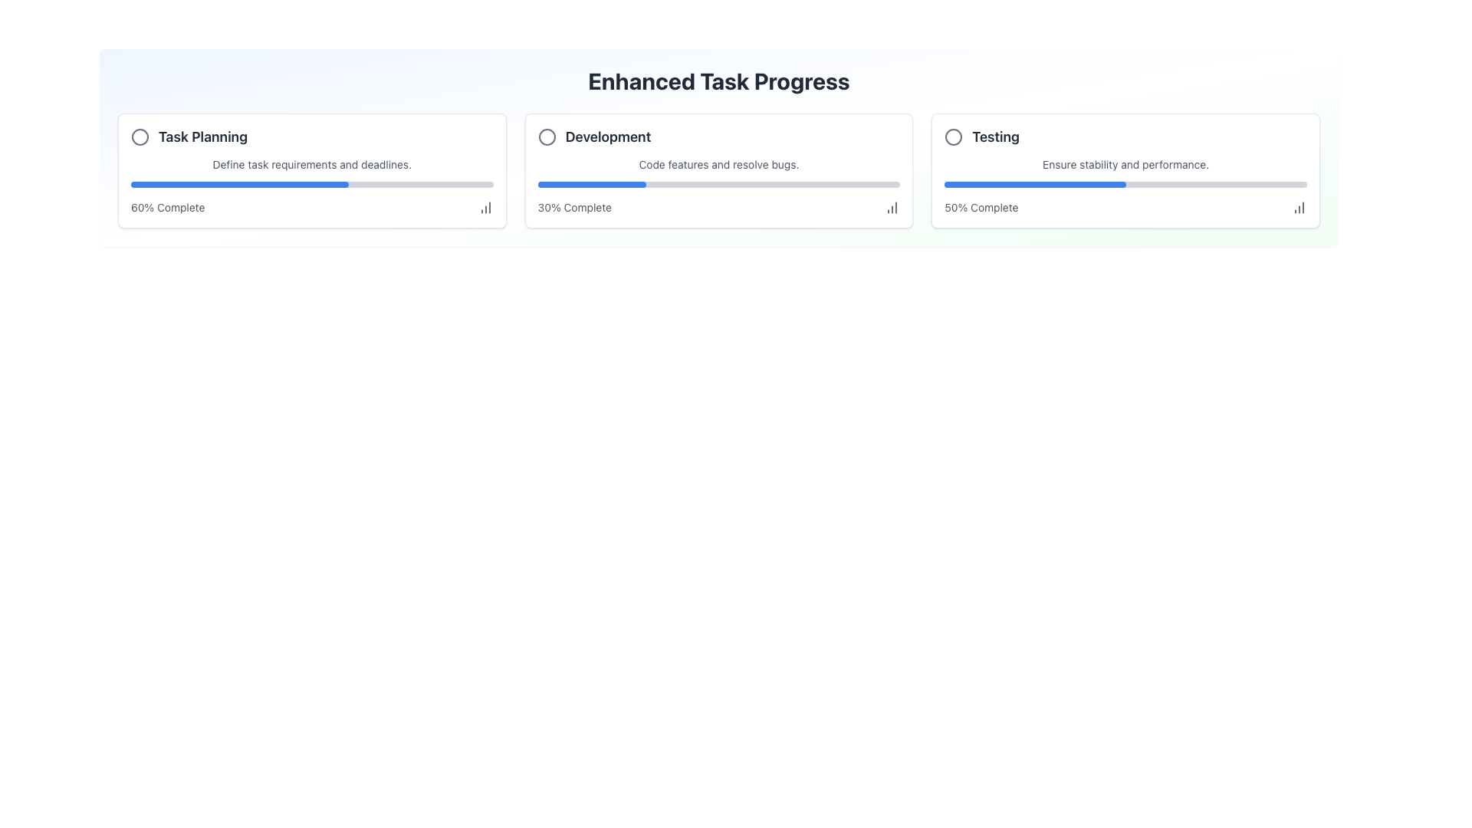  What do you see at coordinates (718, 165) in the screenshot?
I see `the static text that reads 'Code features and resolve bugs.' which is located within the 'Development' card, positioned below the heading and above a blue progress bar` at bounding box center [718, 165].